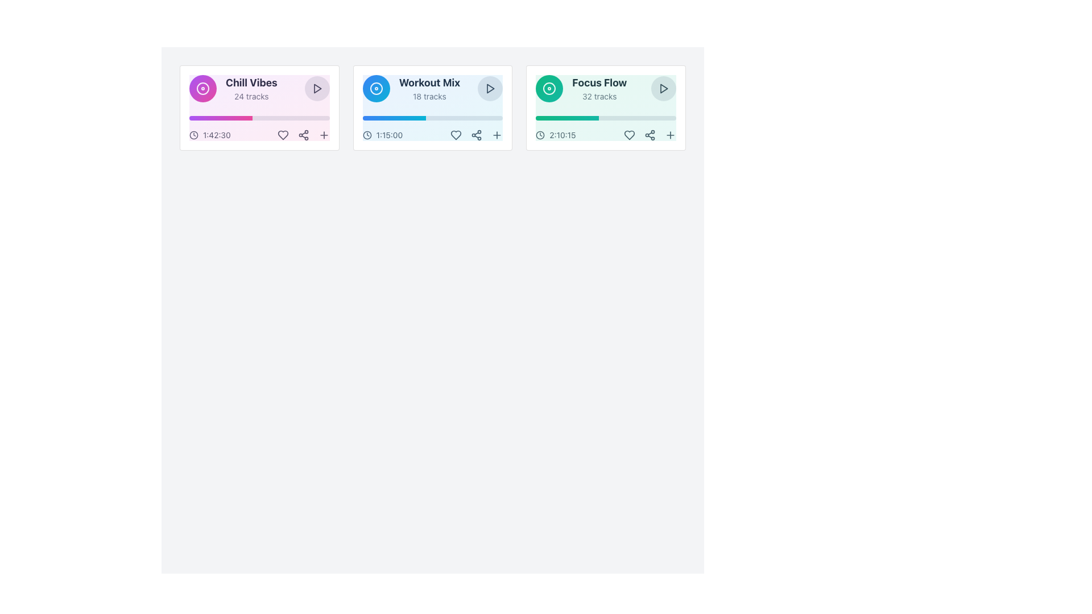  What do you see at coordinates (376, 88) in the screenshot?
I see `the circular graphic element representing the 'Workout Mix' playlist icon located at the center of its card` at bounding box center [376, 88].